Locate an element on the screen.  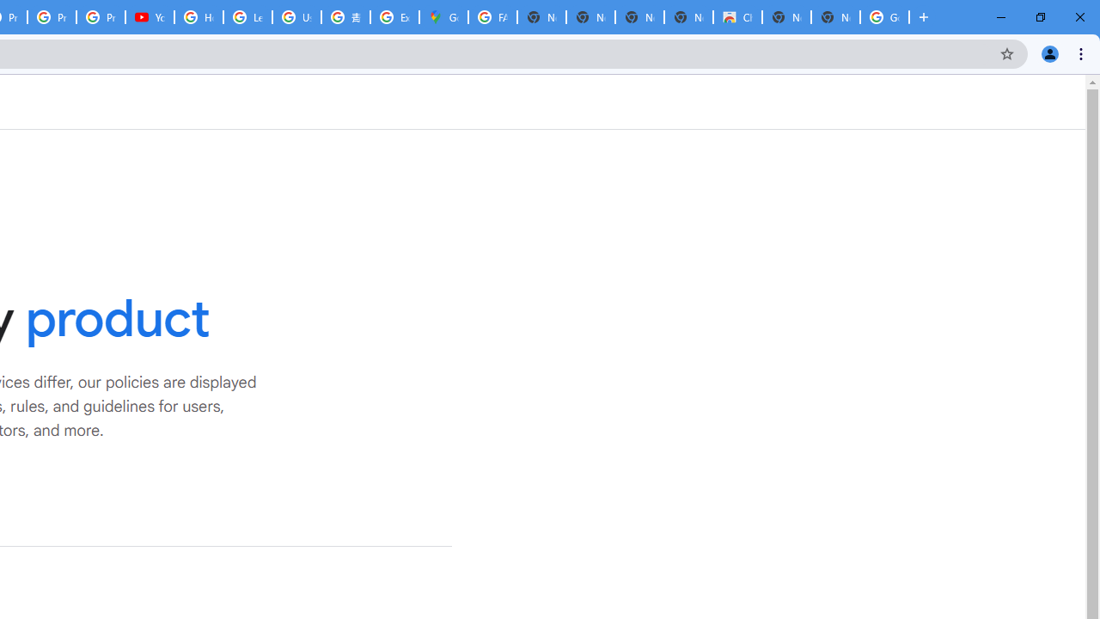
'Privacy Checkup' is located at coordinates (52, 17).